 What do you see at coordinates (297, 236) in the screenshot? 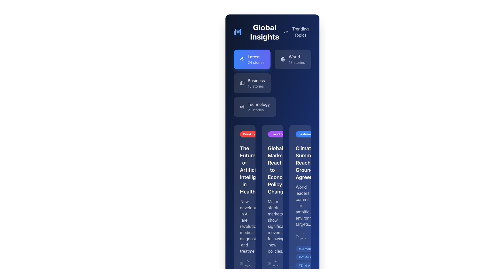
I see `the circular clock icon with a thin outline located to the left of the '5 min' label at the bottom of the news article card` at bounding box center [297, 236].